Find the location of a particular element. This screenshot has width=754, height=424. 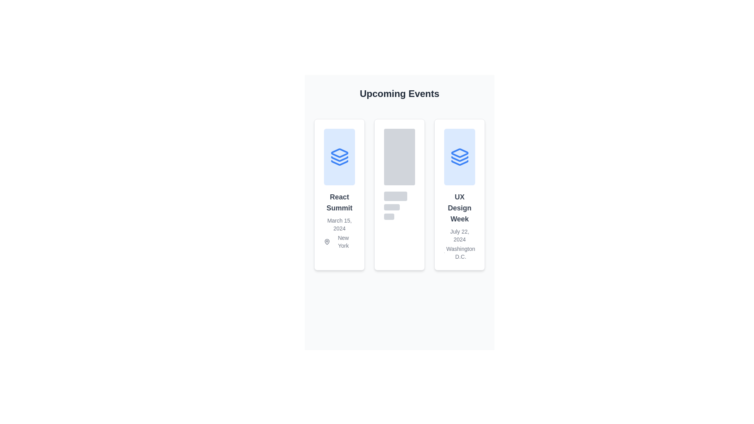

the text label displaying 'Washington D.C.' located in the rightmost card under 'UX Design Week' is located at coordinates (459, 253).